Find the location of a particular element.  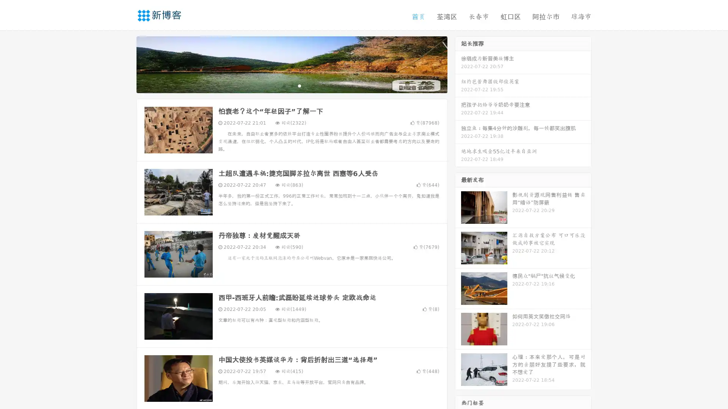

Go to slide 3 is located at coordinates (299, 85).